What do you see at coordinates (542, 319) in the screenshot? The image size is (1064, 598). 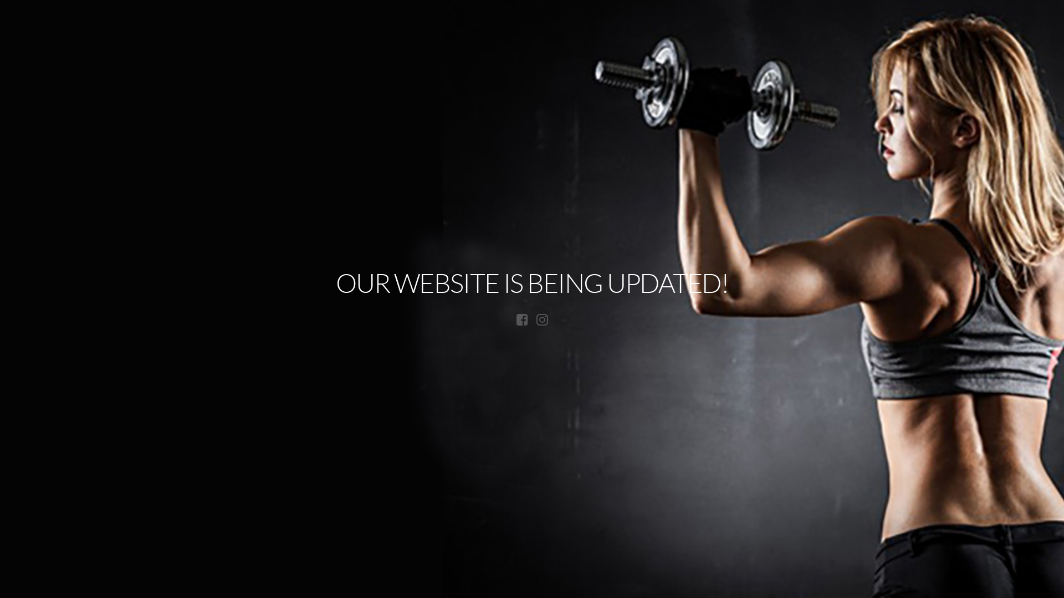 I see `'Instagram'` at bounding box center [542, 319].